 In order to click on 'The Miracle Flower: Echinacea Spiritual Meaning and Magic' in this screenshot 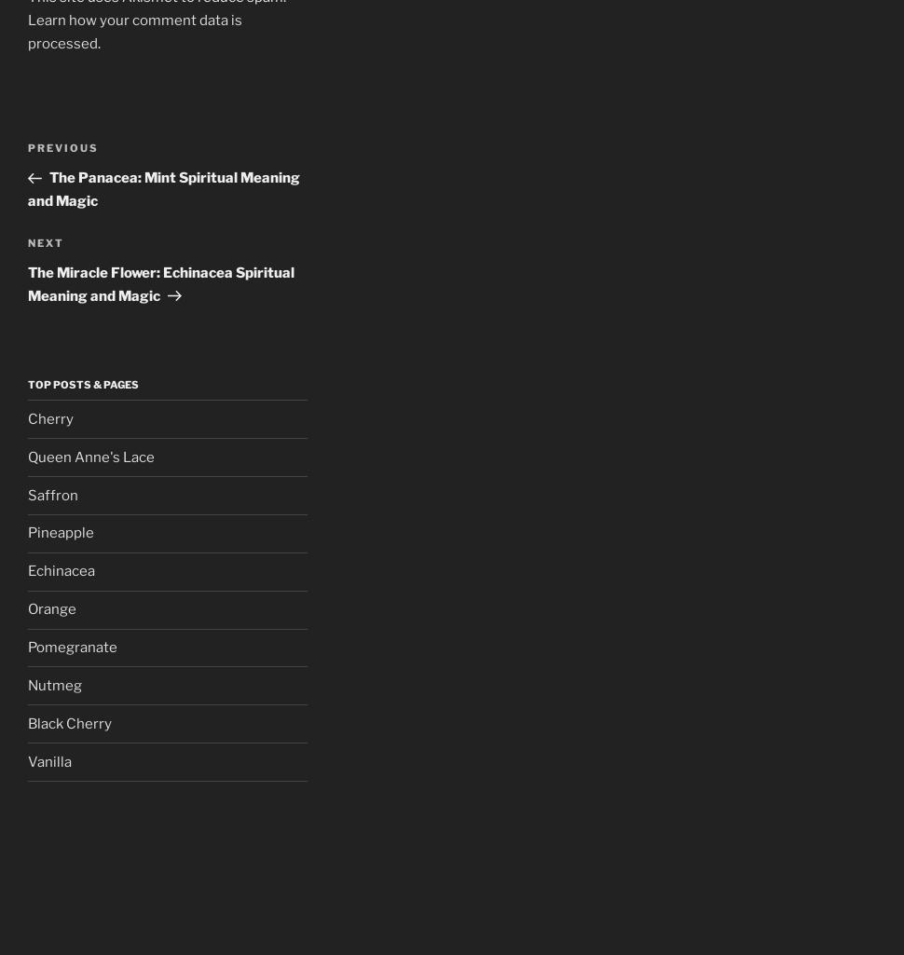, I will do `click(27, 283)`.